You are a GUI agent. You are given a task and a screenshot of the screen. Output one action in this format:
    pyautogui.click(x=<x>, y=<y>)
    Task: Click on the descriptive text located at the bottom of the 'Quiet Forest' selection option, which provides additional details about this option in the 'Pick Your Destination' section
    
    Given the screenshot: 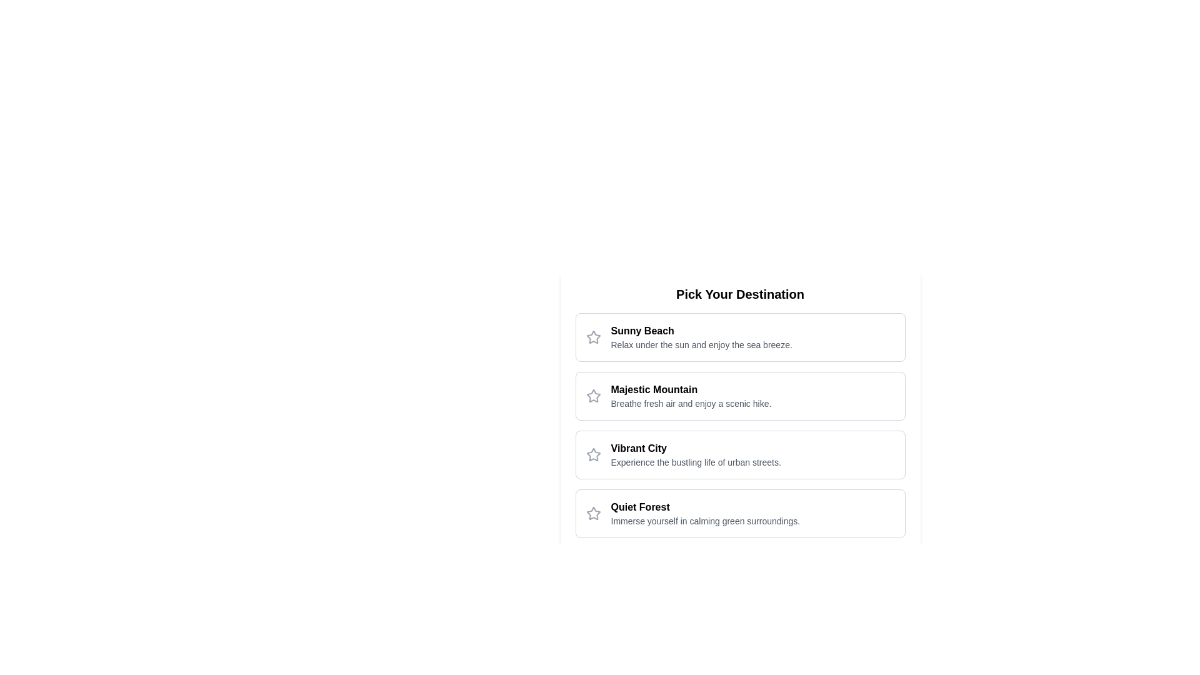 What is the action you would take?
    pyautogui.click(x=705, y=521)
    